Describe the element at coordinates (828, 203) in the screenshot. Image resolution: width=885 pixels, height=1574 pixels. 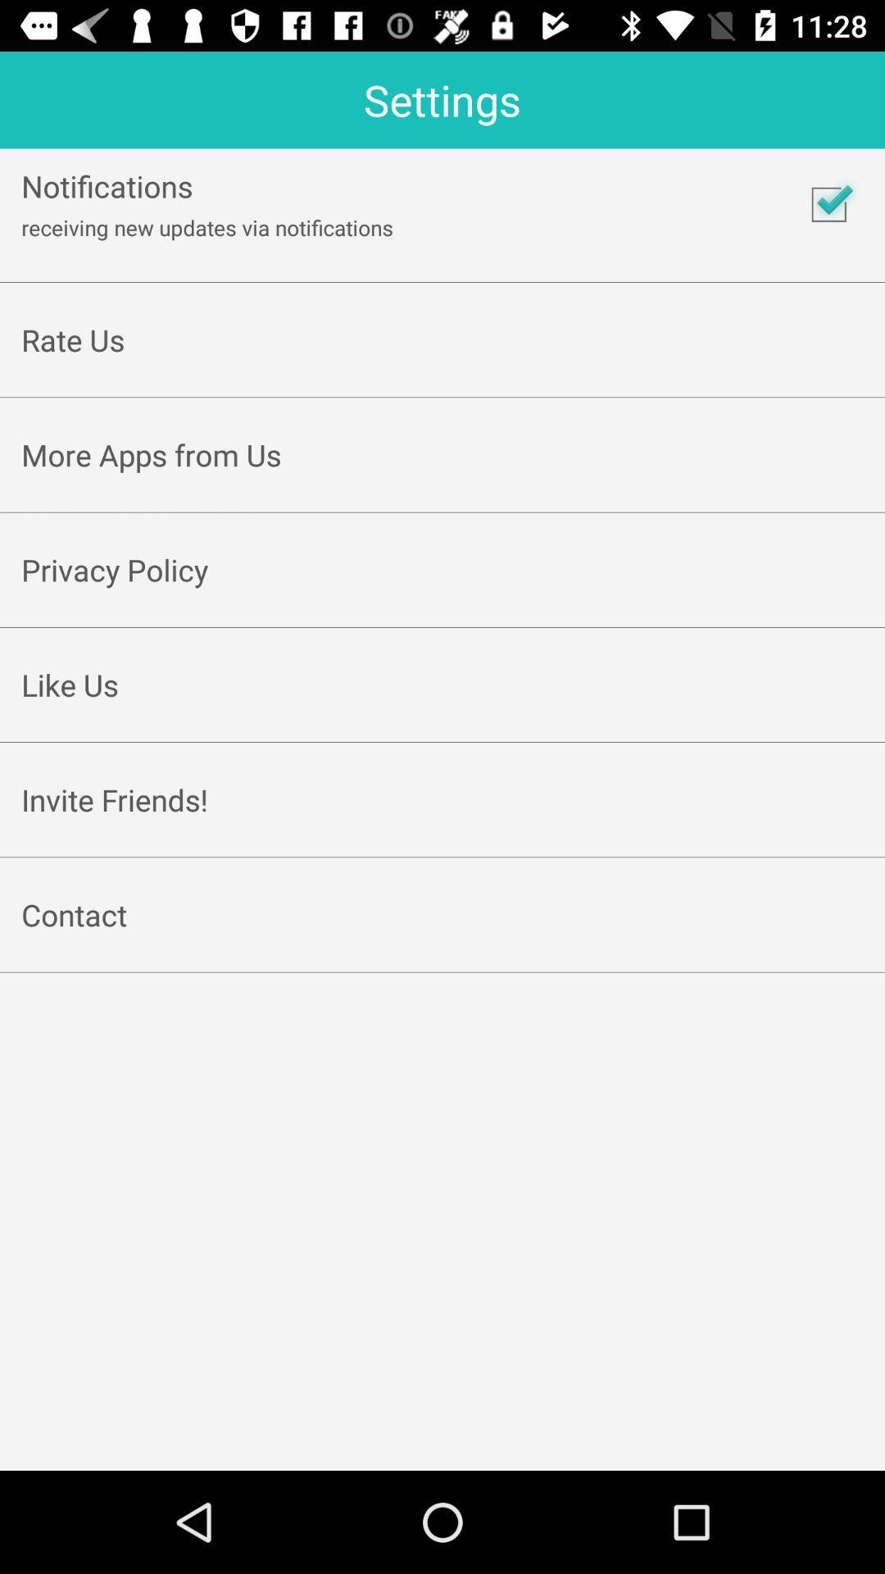
I see `correct` at that location.